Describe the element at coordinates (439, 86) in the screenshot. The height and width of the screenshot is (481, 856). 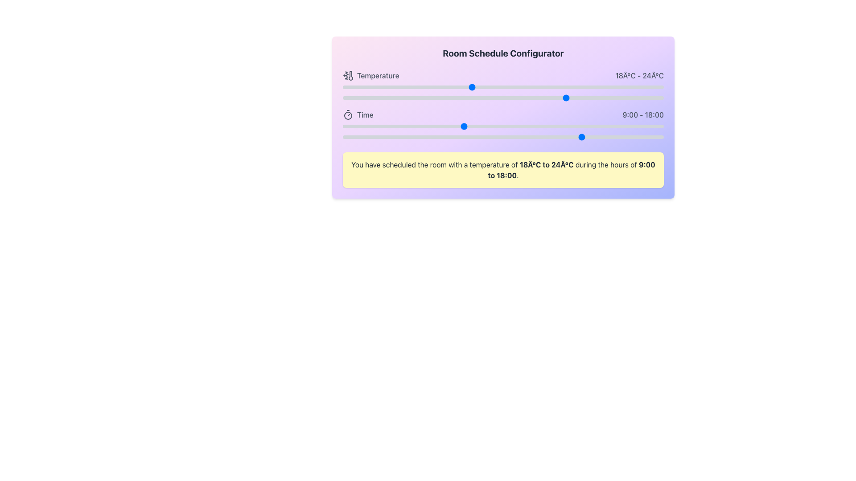
I see `the slider` at that location.